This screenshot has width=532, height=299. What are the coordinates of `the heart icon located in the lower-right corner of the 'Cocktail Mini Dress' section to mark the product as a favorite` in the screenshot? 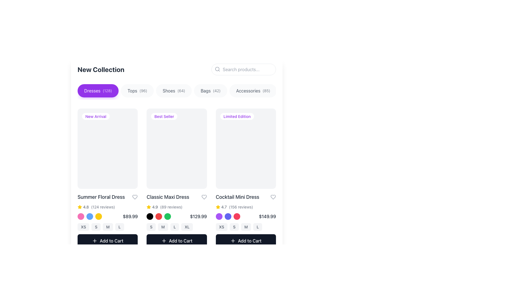 It's located at (273, 197).